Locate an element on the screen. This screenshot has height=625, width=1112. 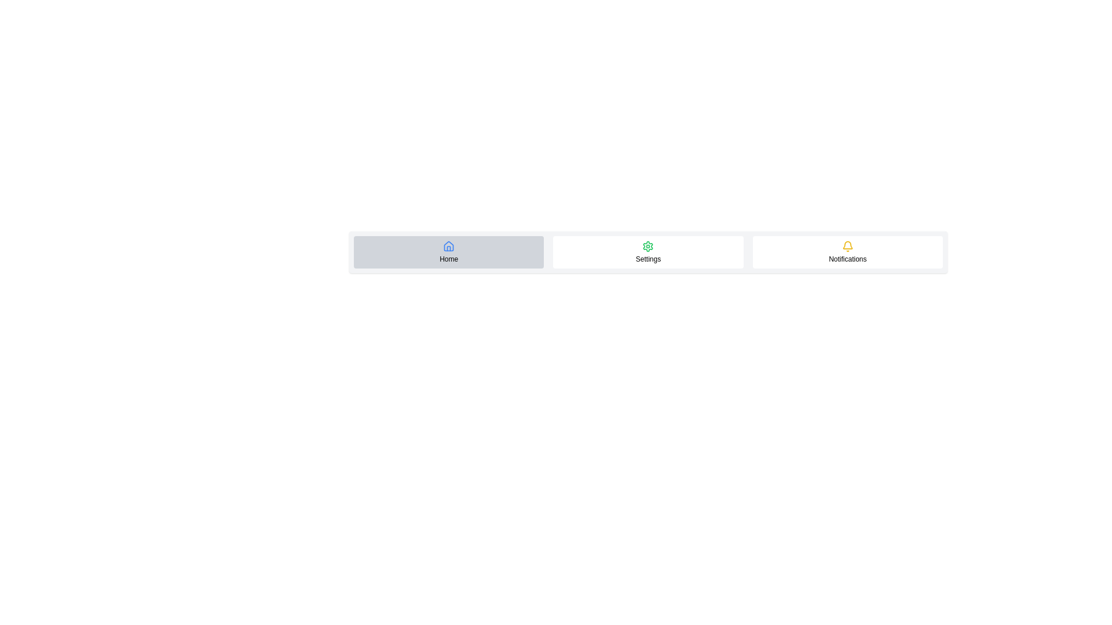
the yellow bell-shaped notification icon located at the far right of the navigation bar is located at coordinates (847, 244).